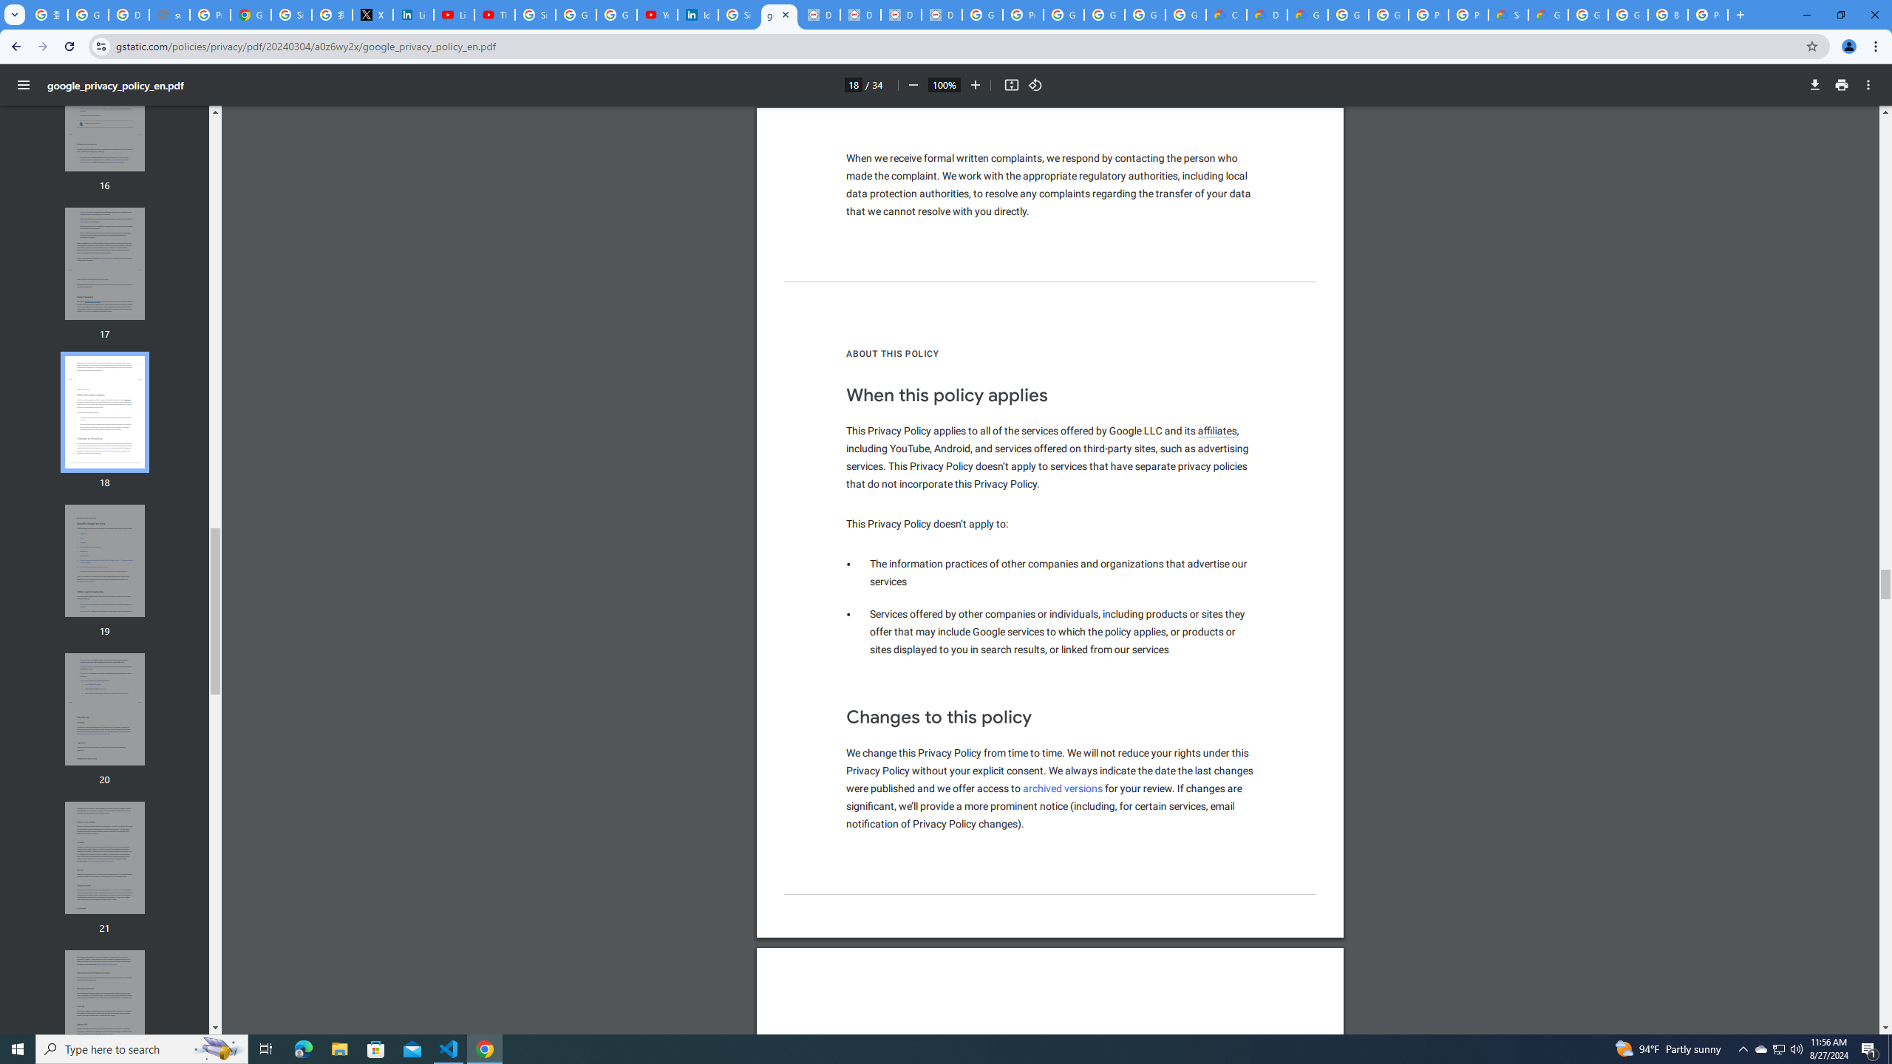 This screenshot has height=1064, width=1892. Describe the element at coordinates (105, 857) in the screenshot. I see `'Thumbnail for page 21'` at that location.